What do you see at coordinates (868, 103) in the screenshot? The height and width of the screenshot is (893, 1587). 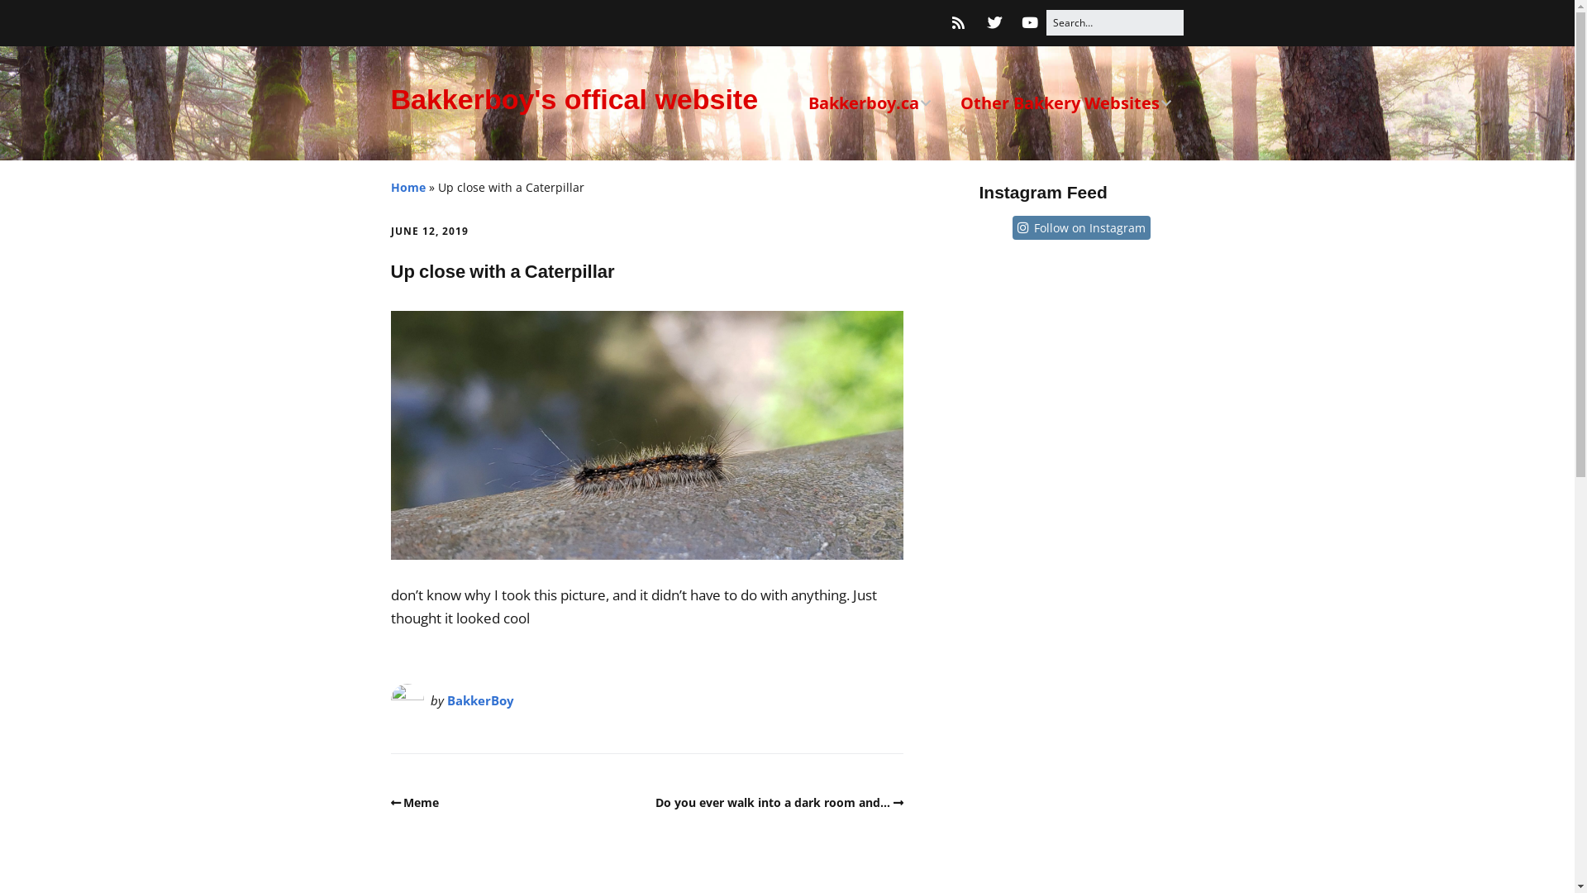 I see `'Bakkerboy.ca'` at bounding box center [868, 103].